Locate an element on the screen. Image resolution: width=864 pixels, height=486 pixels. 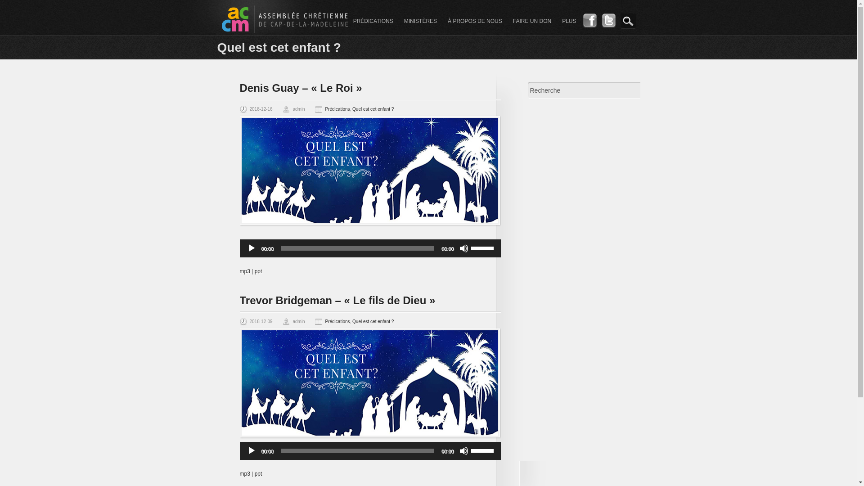
'Twitter' is located at coordinates (608, 25).